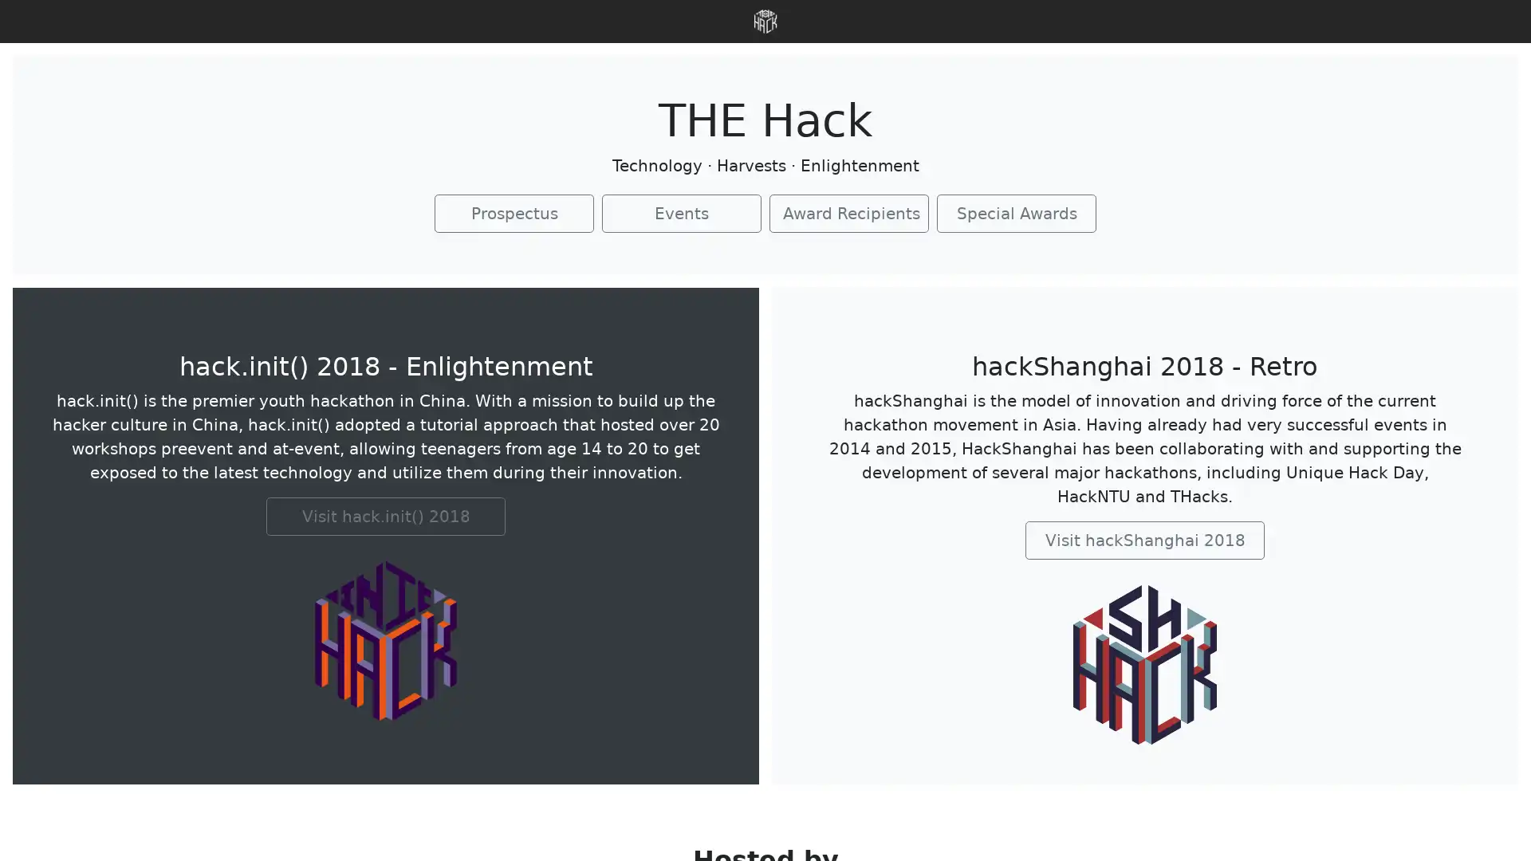 The width and height of the screenshot is (1531, 861). What do you see at coordinates (681, 212) in the screenshot?
I see `Events` at bounding box center [681, 212].